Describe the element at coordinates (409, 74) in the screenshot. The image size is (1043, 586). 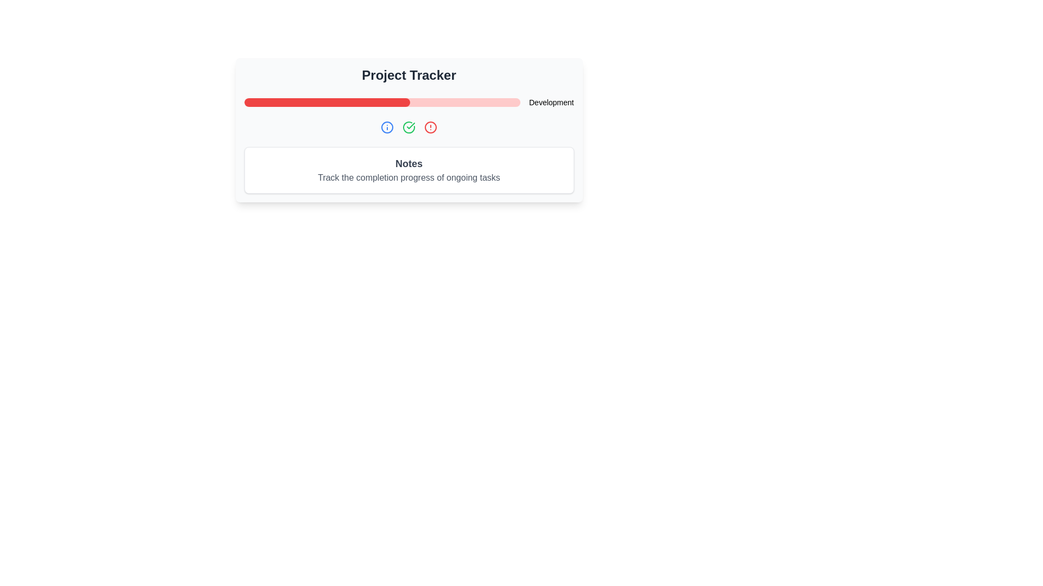
I see `the title text element indicating 'Project Tracker', which is the topmost component in its section and horizontally centered above the progress bar and other elements` at that location.